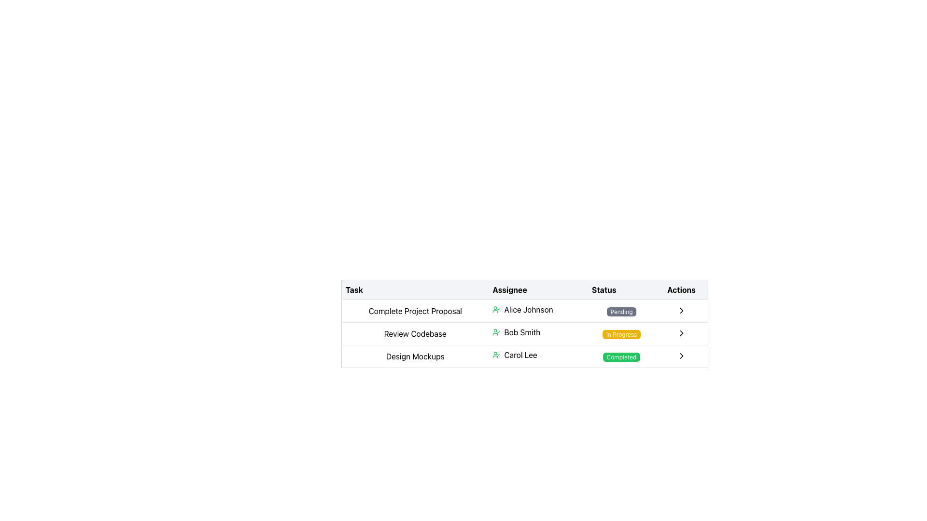  I want to click on the status indicator badge that shows 'In Progress' for the task 'Review Codebase' assigned to 'Bob Smith' in the second row of the 'Status' column, so click(621, 333).